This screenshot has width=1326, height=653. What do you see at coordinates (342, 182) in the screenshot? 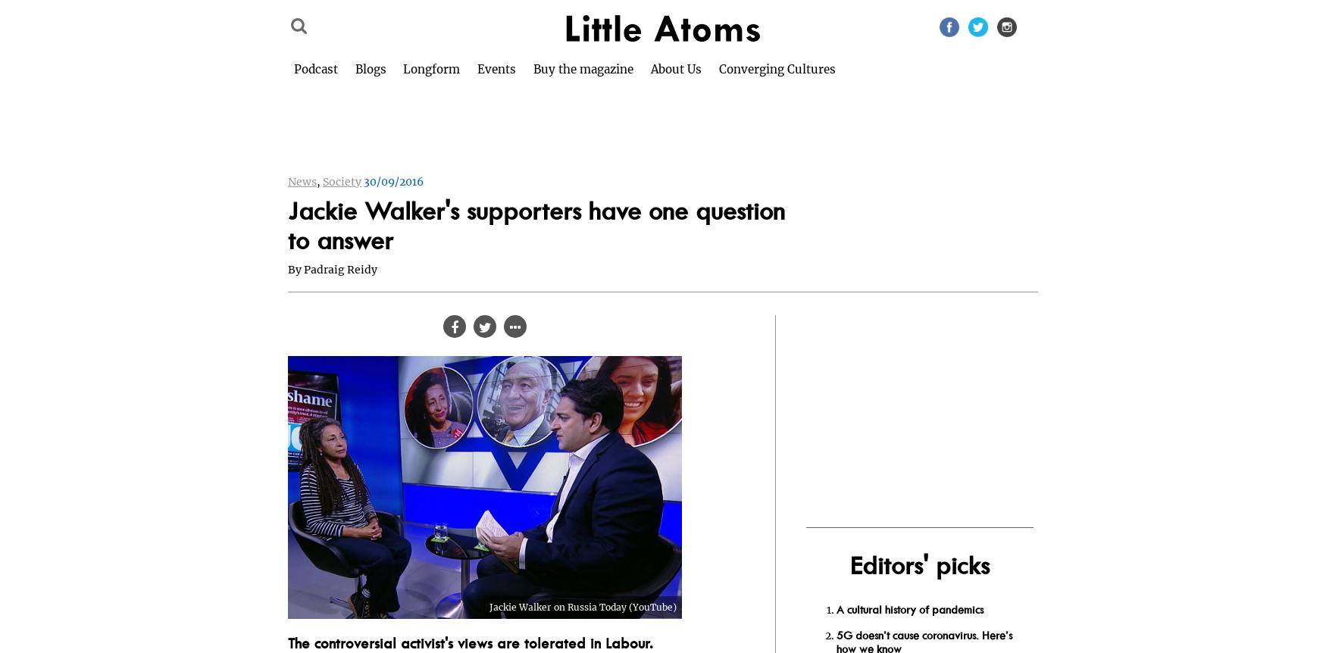
I see `'Society'` at bounding box center [342, 182].